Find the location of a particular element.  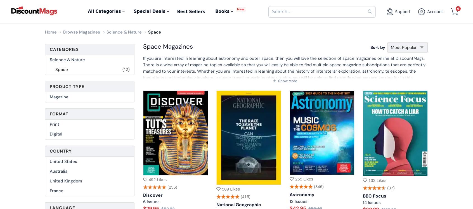

'Australia' is located at coordinates (58, 171).